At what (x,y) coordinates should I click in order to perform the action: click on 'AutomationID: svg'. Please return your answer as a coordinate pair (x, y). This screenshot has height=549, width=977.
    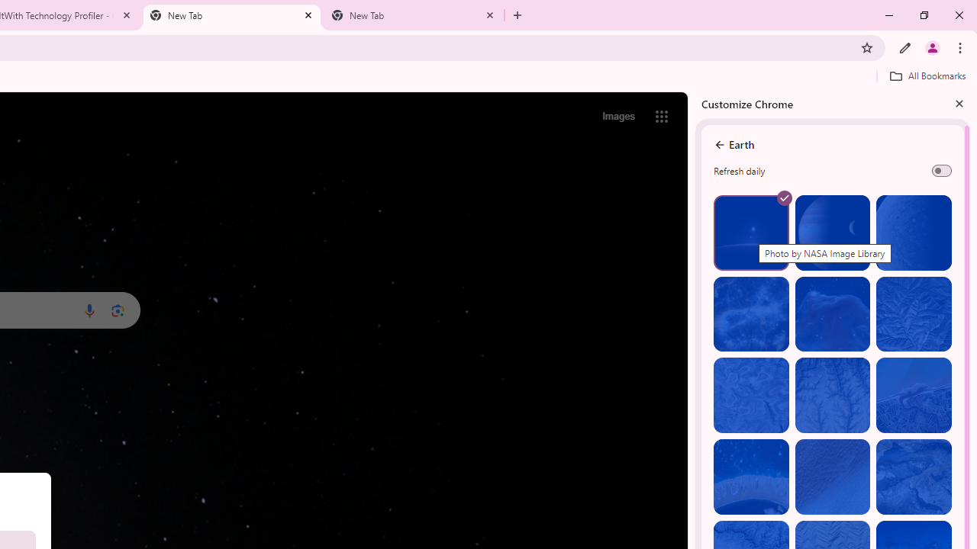
    Looking at the image, I should click on (784, 197).